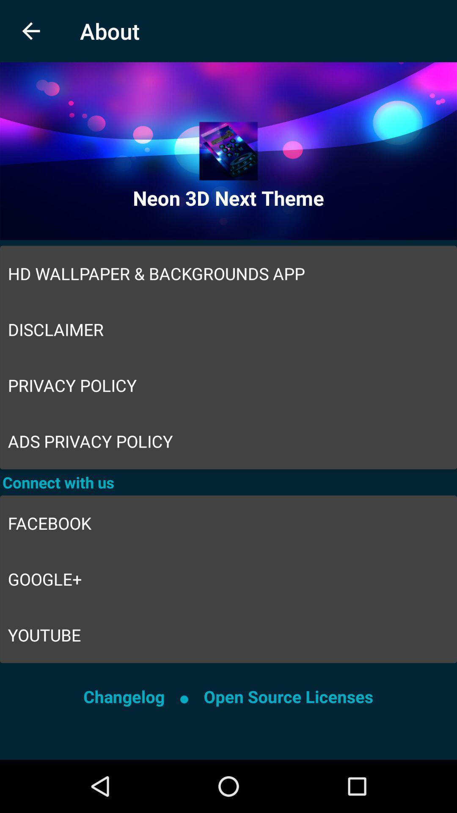 Image resolution: width=457 pixels, height=813 pixels. I want to click on the hd wallpaper backgrounds item, so click(228, 274).